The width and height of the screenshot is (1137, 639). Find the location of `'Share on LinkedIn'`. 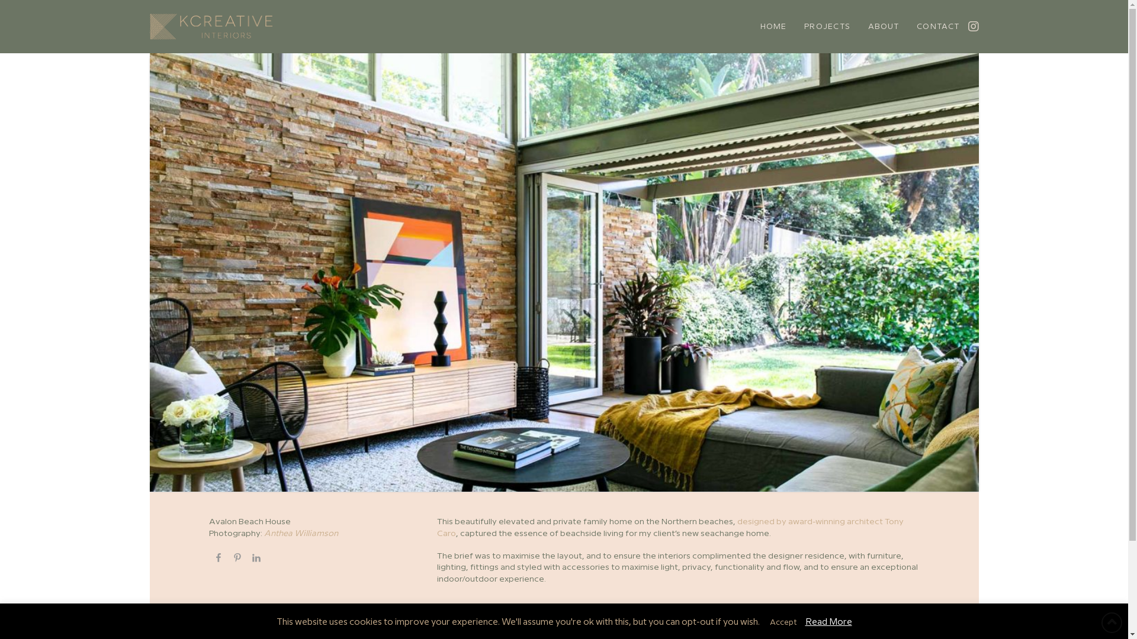

'Share on LinkedIn' is located at coordinates (255, 560).